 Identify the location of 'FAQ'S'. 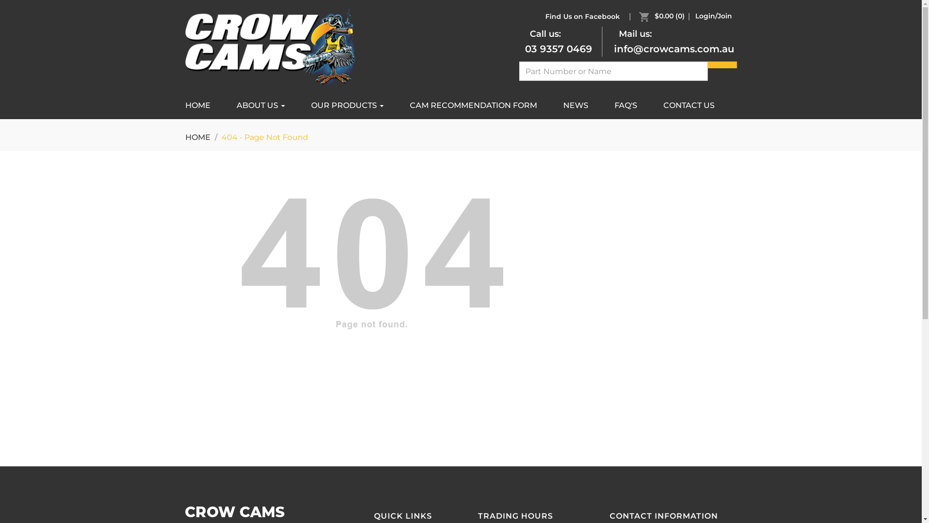
(625, 106).